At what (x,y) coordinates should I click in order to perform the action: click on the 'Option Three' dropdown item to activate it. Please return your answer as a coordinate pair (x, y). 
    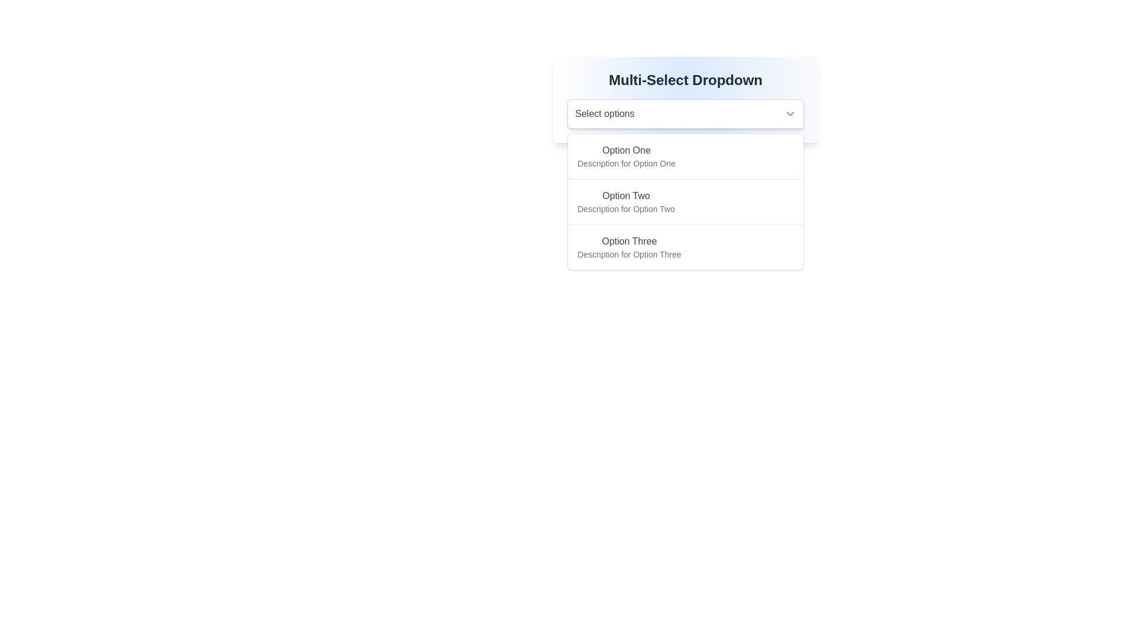
    Looking at the image, I should click on (628, 247).